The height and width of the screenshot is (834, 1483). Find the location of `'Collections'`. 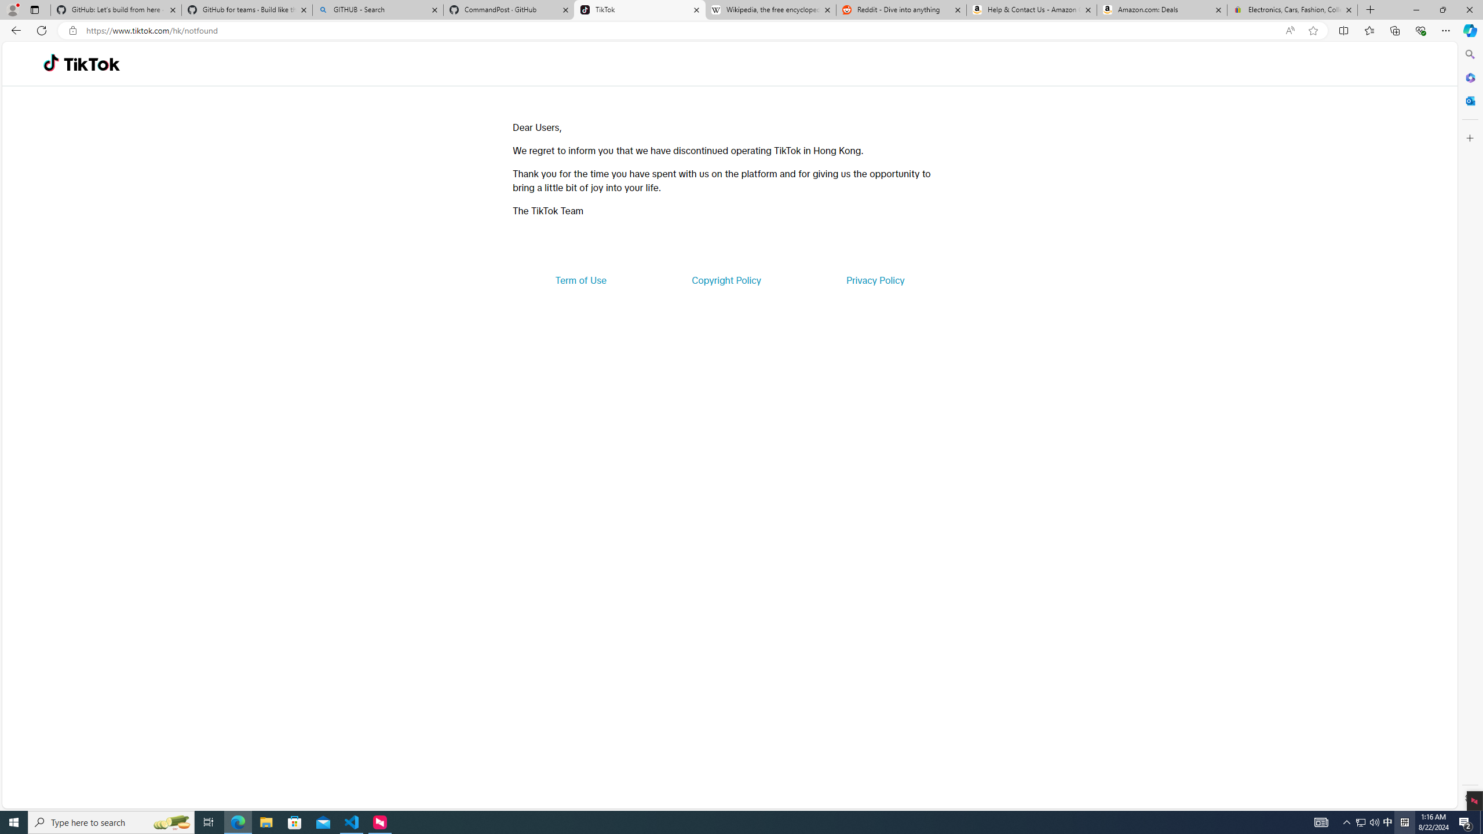

'Collections' is located at coordinates (1394, 30).